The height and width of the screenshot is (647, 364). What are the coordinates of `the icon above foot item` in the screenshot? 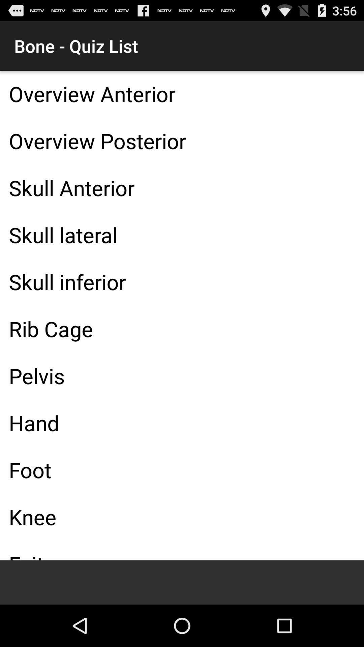 It's located at (182, 422).